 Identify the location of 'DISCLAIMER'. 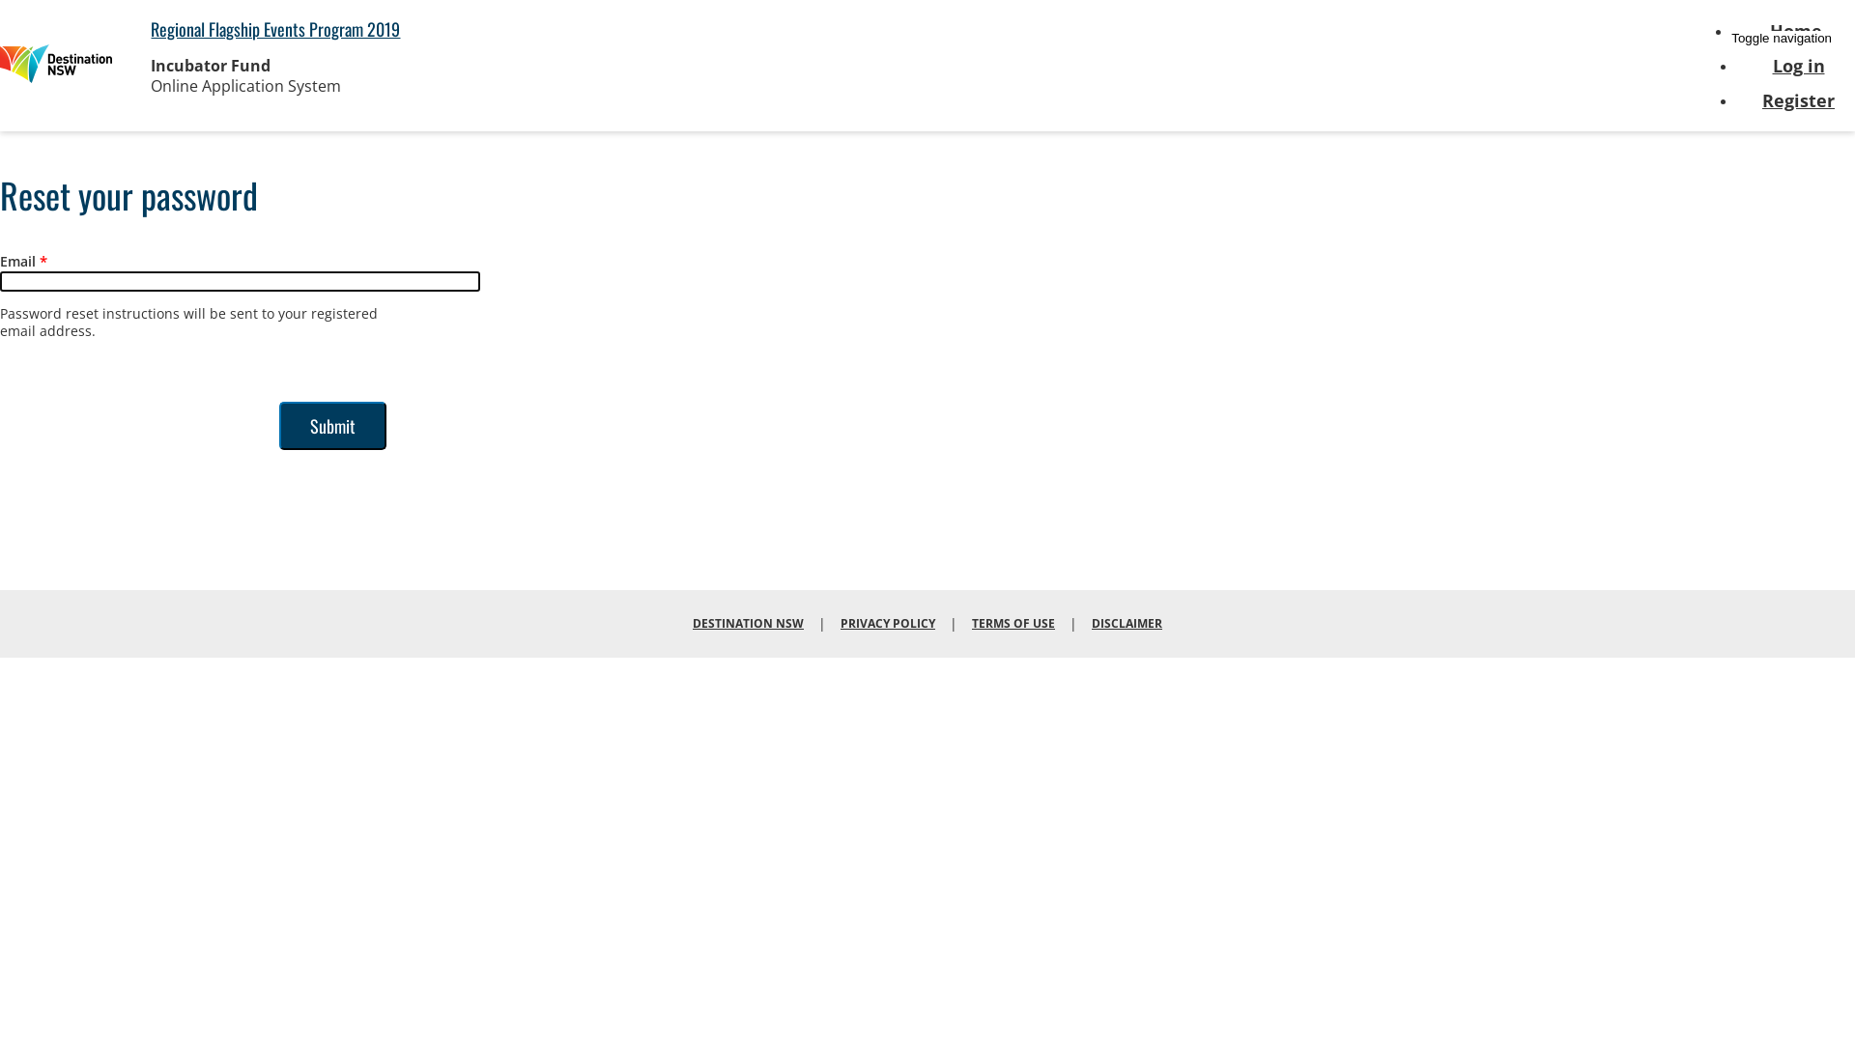
(1127, 623).